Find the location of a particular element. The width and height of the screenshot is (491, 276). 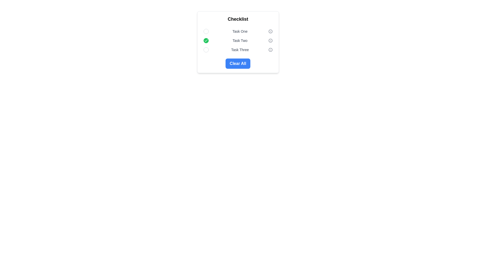

the Text label that describes the first item in the checklist, positioned between a selection checkbox and an additional information icon is located at coordinates (240, 31).